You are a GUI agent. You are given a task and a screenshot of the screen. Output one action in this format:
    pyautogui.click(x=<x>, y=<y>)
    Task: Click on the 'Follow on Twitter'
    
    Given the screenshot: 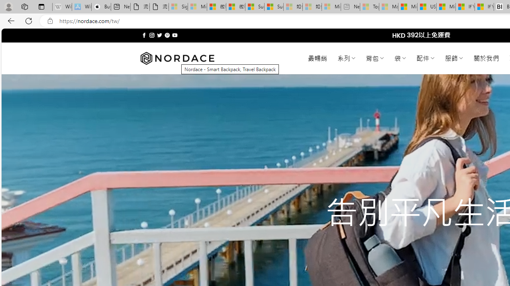 What is the action you would take?
    pyautogui.click(x=159, y=35)
    